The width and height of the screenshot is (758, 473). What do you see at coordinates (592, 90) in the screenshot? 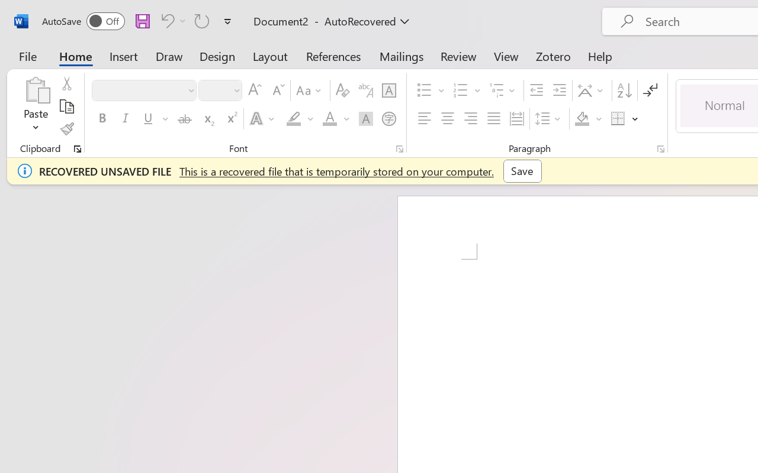
I see `'Asian Layout'` at bounding box center [592, 90].